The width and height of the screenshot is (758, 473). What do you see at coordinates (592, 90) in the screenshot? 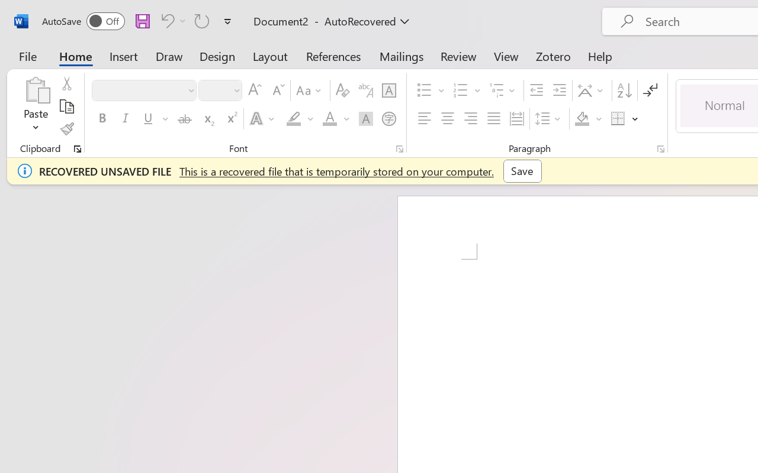
I see `'Asian Layout'` at bounding box center [592, 90].